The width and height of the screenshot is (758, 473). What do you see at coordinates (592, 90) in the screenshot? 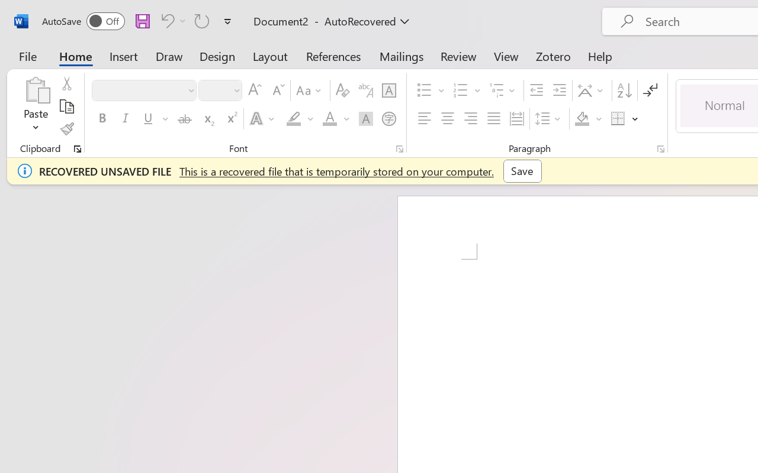
I see `'Asian Layout'` at bounding box center [592, 90].